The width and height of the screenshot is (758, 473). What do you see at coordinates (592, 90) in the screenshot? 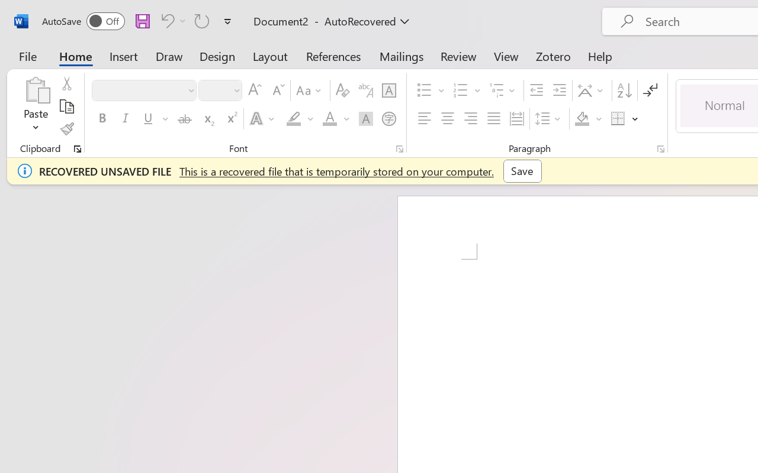
I see `'Asian Layout'` at bounding box center [592, 90].